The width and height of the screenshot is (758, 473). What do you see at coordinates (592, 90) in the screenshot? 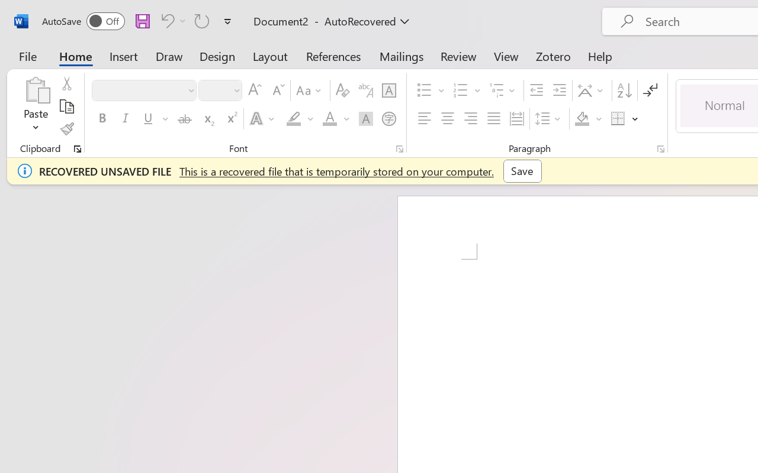
I see `'Asian Layout'` at bounding box center [592, 90].